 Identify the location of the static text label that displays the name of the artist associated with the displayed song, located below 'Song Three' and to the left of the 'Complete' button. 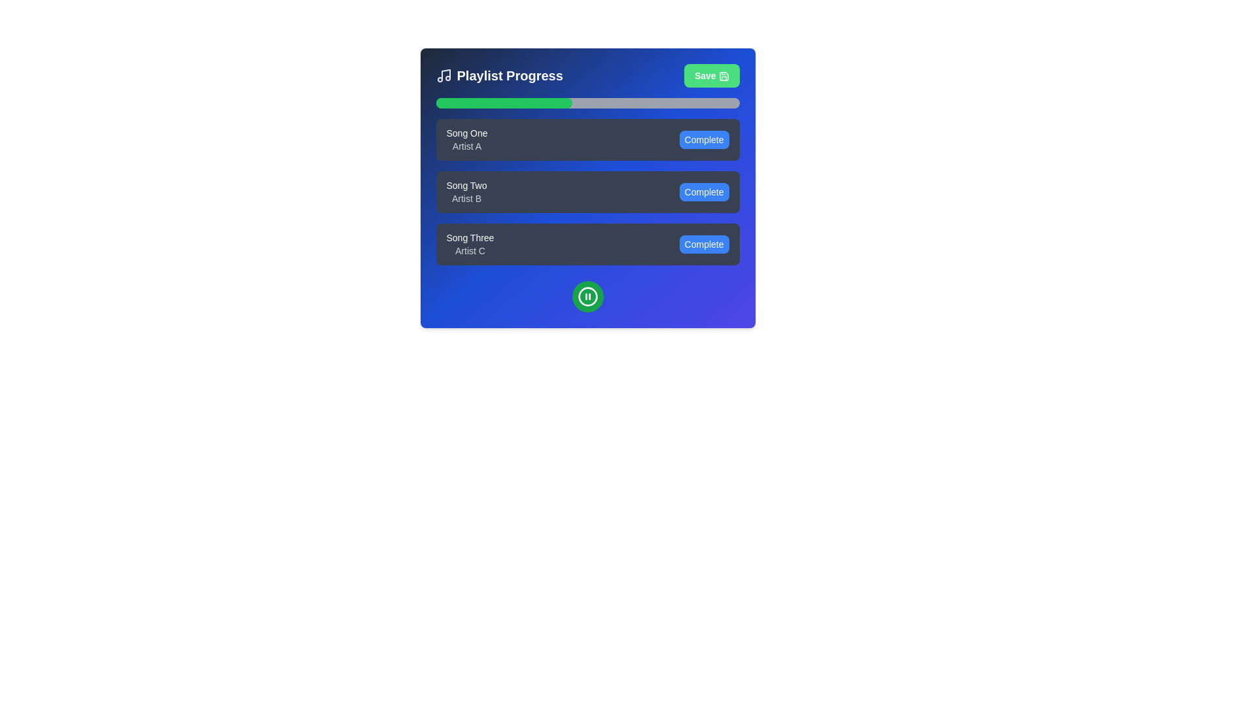
(470, 251).